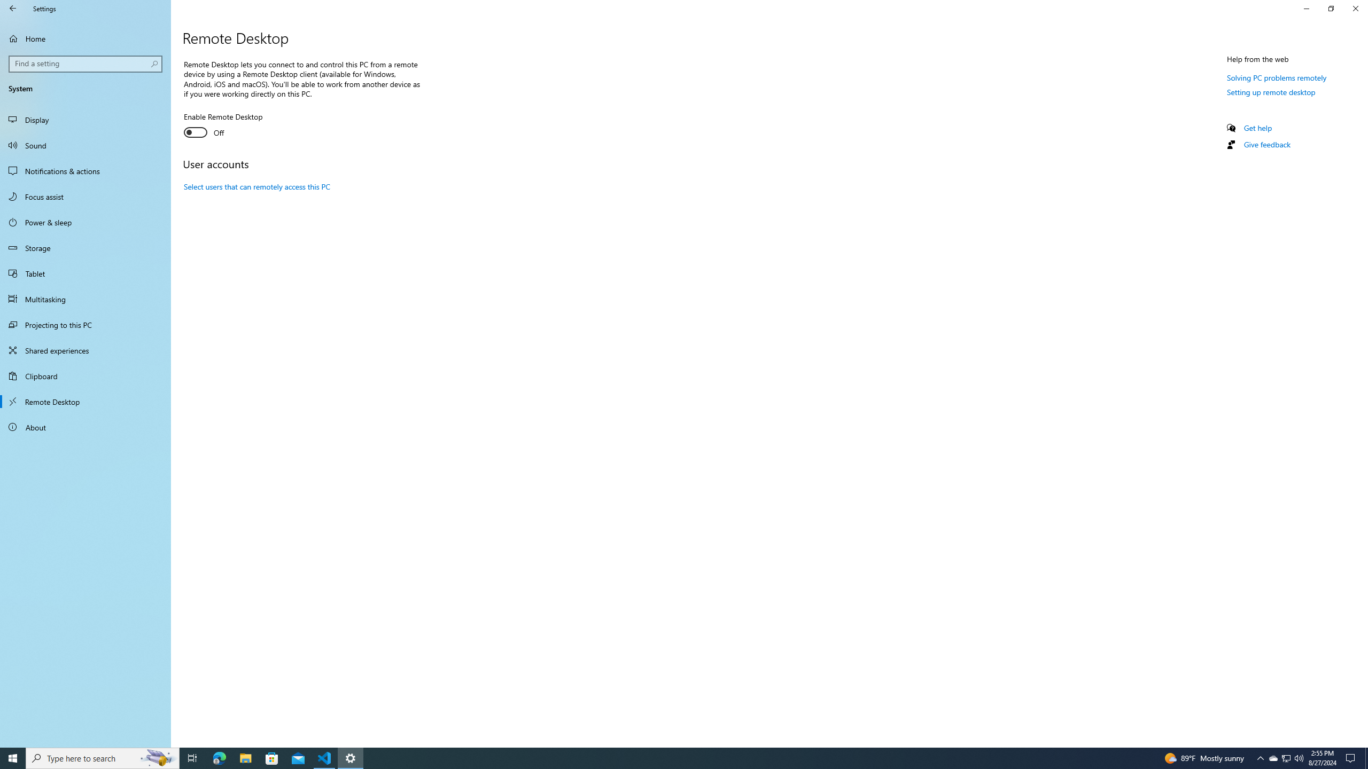  Describe the element at coordinates (1276, 77) in the screenshot. I see `'Solving PC problems remotely'` at that location.